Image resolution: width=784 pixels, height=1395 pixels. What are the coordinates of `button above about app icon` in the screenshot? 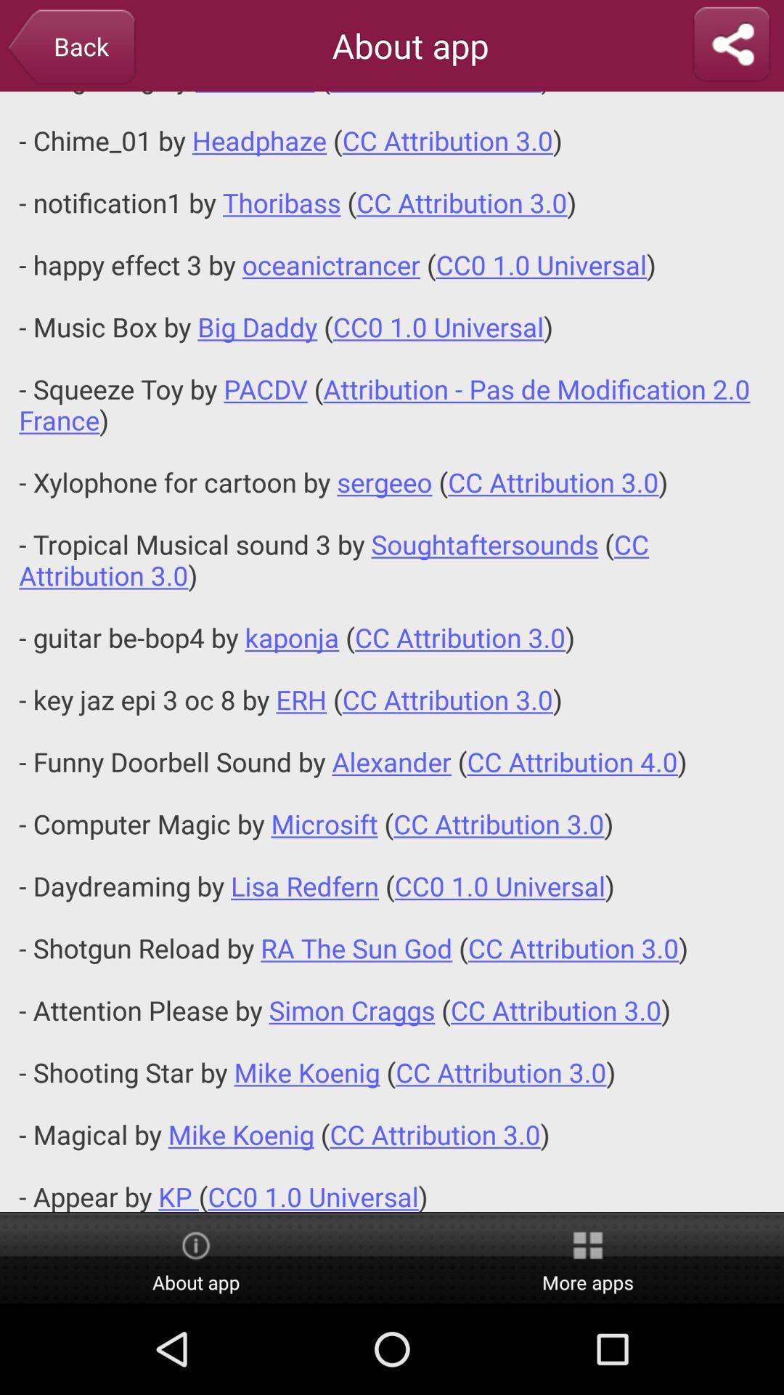 It's located at (392, 651).